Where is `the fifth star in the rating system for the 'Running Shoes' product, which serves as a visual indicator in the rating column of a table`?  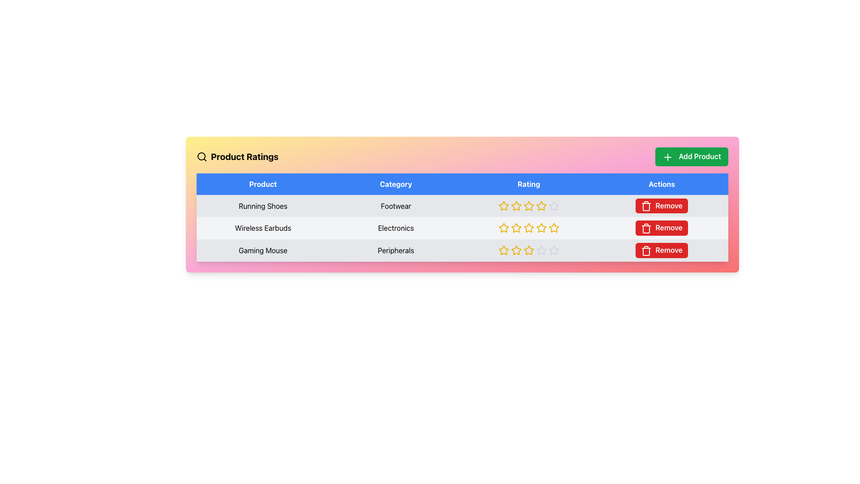 the fifth star in the rating system for the 'Running Shoes' product, which serves as a visual indicator in the rating column of a table is located at coordinates (541, 206).